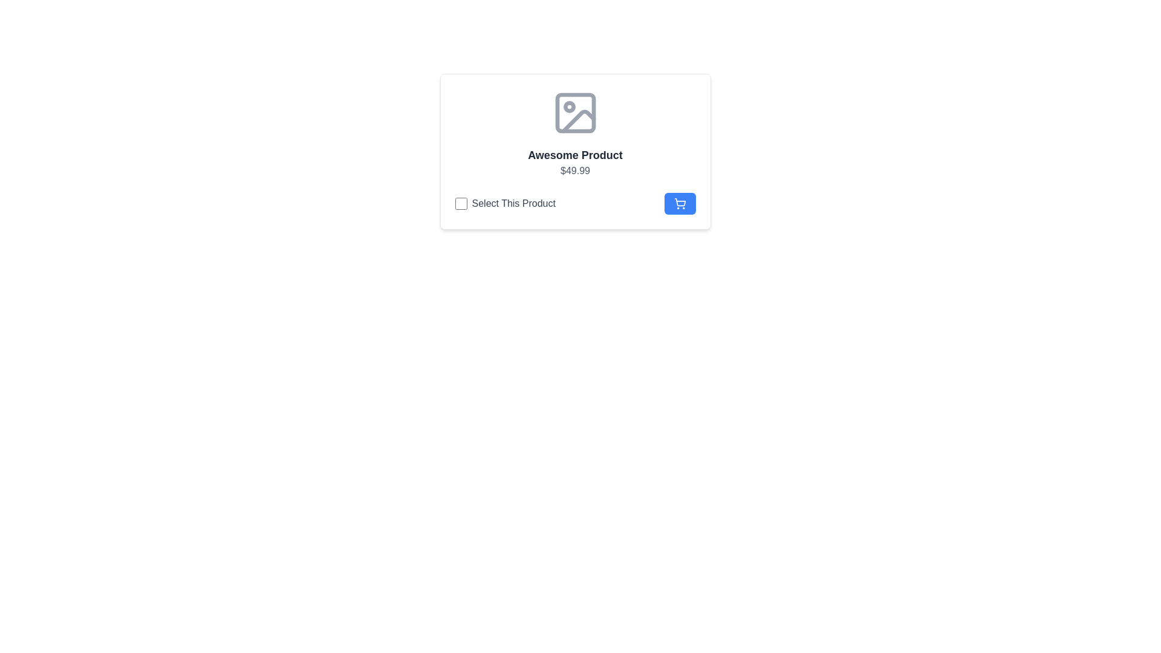  Describe the element at coordinates (574, 112) in the screenshot. I see `the small, rectangular SVG shape with rounded corners and gray fill, which is part of the image icon above the title 'Awesome Product' in the card layout` at that location.